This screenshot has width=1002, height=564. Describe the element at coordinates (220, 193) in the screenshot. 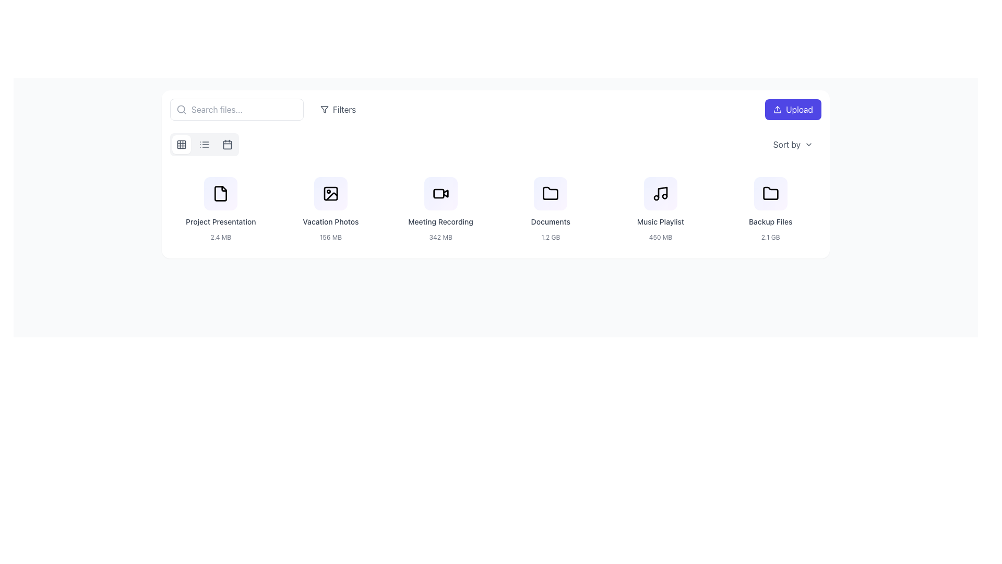

I see `the file icon, which is a minimalist line-art representation of a rectangular file with a folded upper-right corner, located within the 'Project Presentation' card` at that location.